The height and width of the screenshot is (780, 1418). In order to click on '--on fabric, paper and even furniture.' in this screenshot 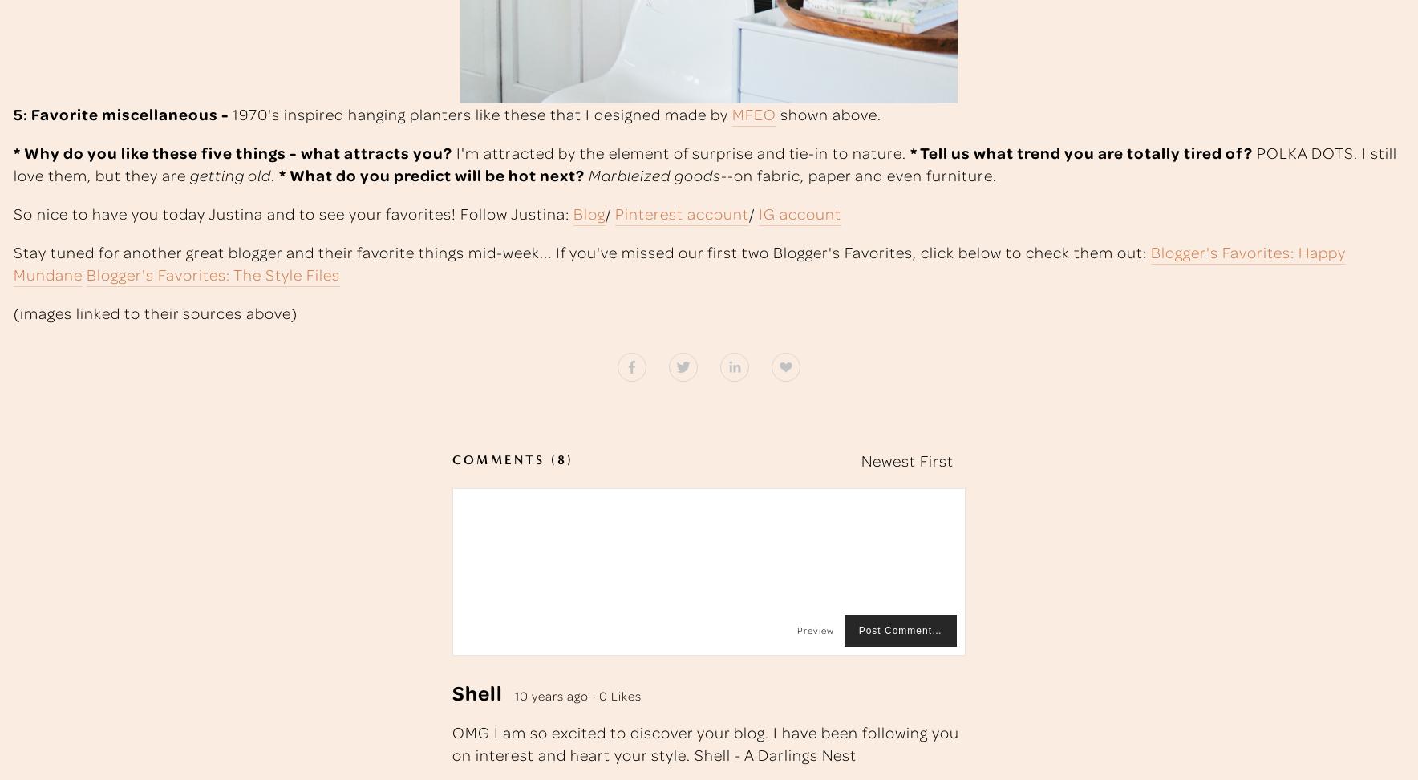, I will do `click(858, 173)`.